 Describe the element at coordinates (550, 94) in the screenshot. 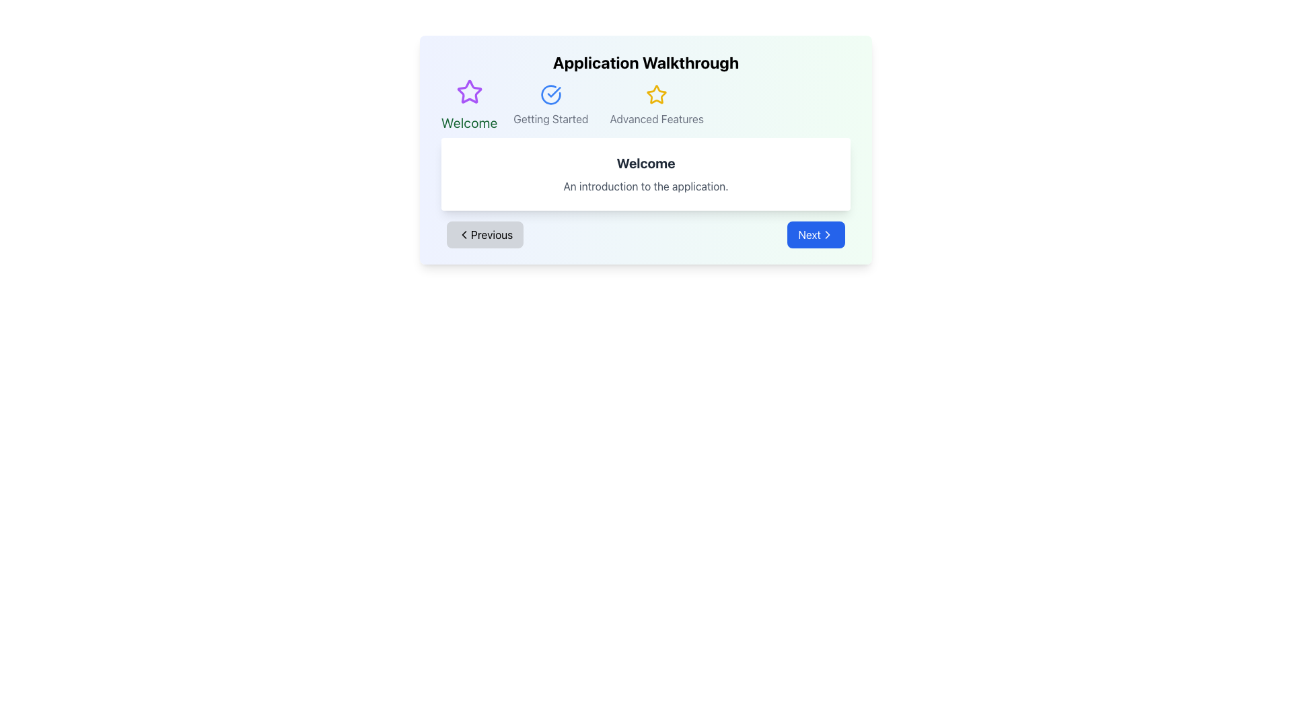

I see `the circular blue checkmark icon located above the 'Getting Started' text` at that location.